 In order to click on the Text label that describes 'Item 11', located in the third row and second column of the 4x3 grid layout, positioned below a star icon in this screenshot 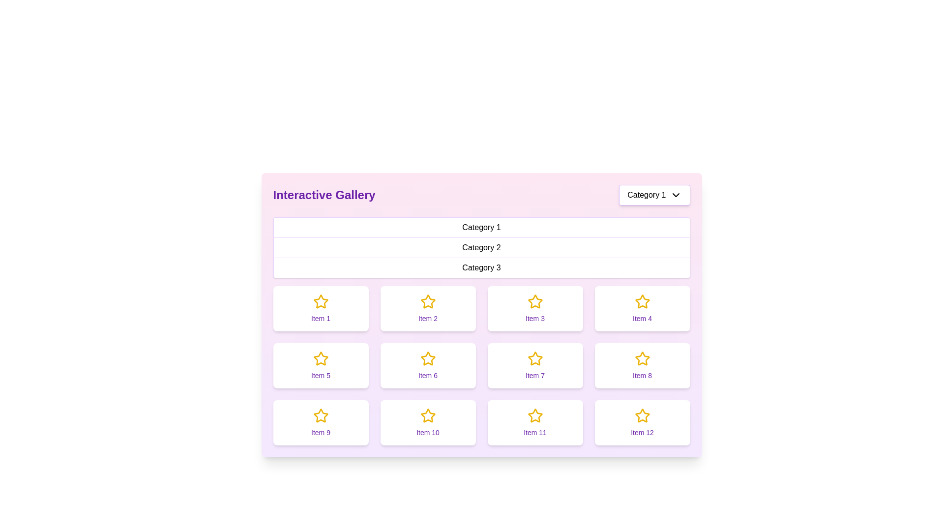, I will do `click(534, 432)`.